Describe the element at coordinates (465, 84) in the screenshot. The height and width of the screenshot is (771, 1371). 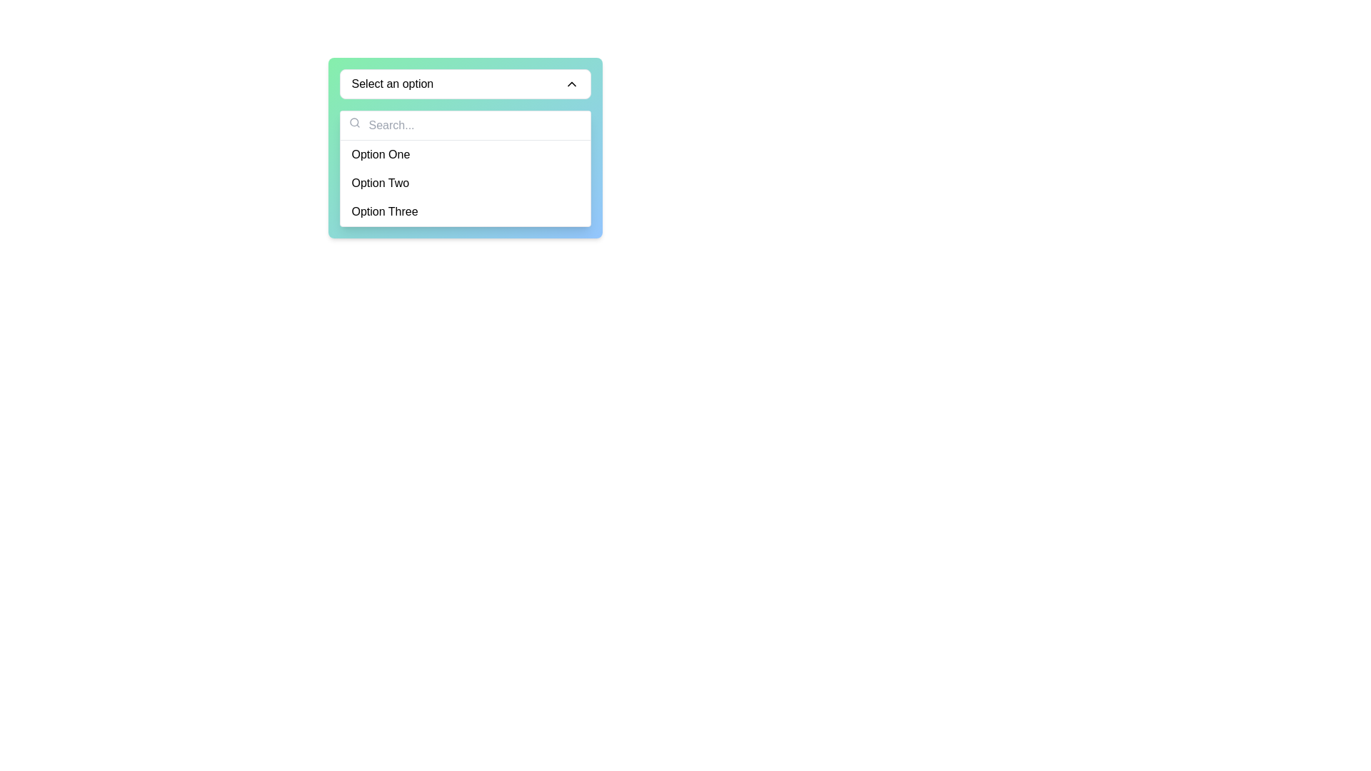
I see `the dropdown menu labeled 'Select an option'` at that location.